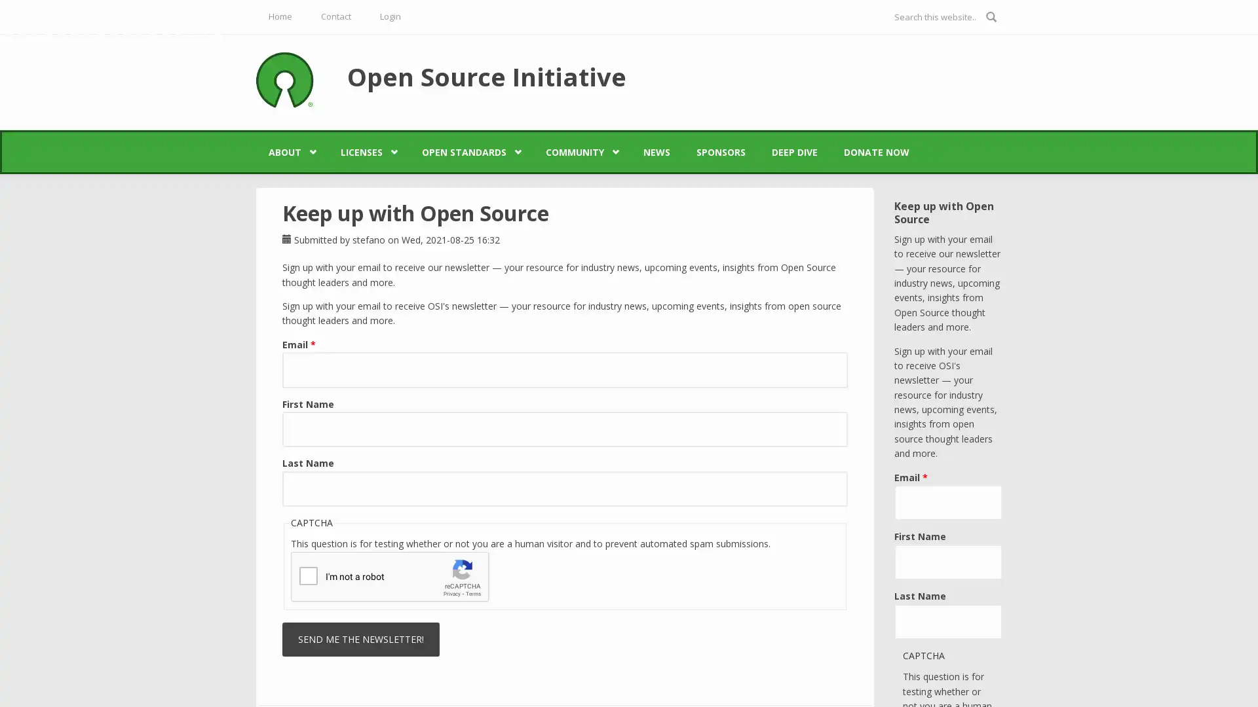 The height and width of the screenshot is (707, 1258). What do you see at coordinates (361, 638) in the screenshot?
I see `Send me the newsletter!` at bounding box center [361, 638].